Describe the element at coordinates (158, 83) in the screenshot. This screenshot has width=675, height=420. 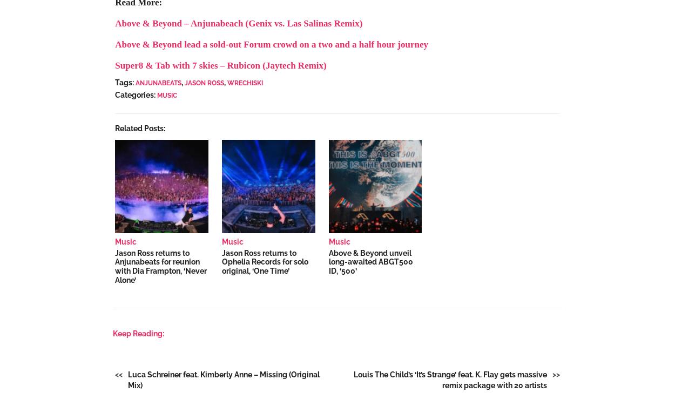
I see `'Anjunabeats'` at that location.